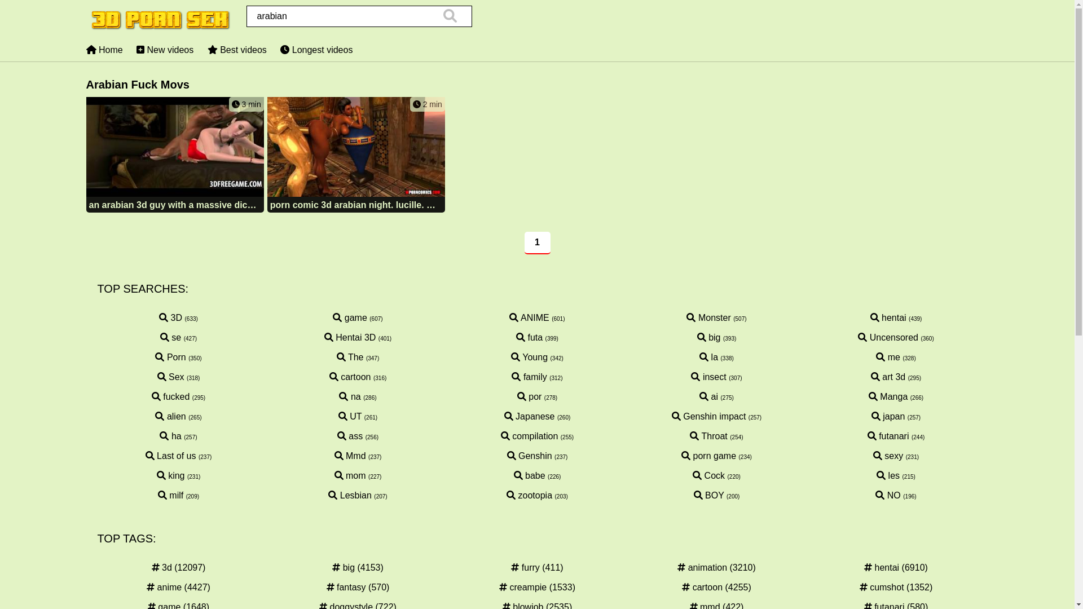  What do you see at coordinates (716, 586) in the screenshot?
I see `'cartoon (4255)'` at bounding box center [716, 586].